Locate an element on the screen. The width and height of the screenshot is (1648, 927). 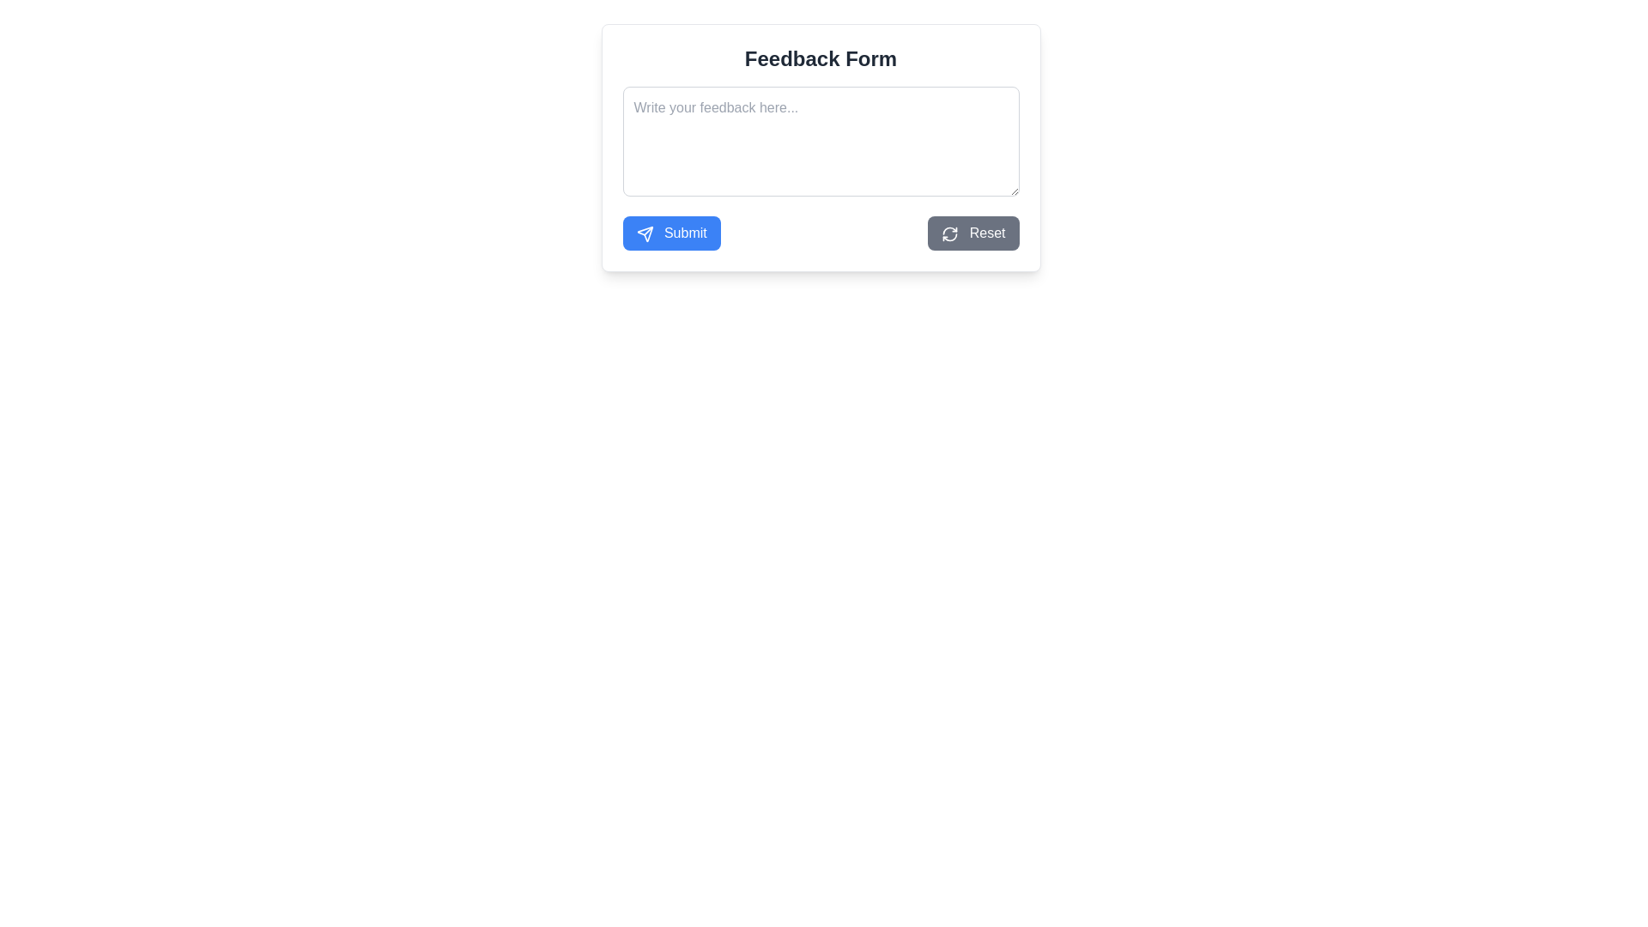
the heading text label of the feedback form, which is centrally positioned at the top of the feedback interface is located at coordinates (820, 58).